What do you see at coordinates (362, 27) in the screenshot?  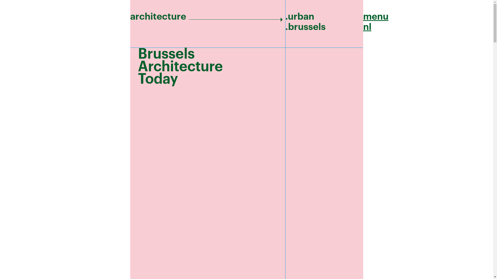 I see `'nl'` at bounding box center [362, 27].